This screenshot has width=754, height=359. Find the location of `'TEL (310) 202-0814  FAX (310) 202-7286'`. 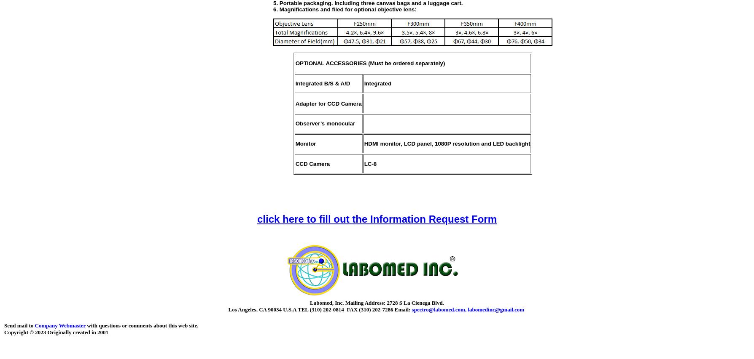

'TEL (310) 202-0814  FAX (310) 202-7286' is located at coordinates (297, 308).